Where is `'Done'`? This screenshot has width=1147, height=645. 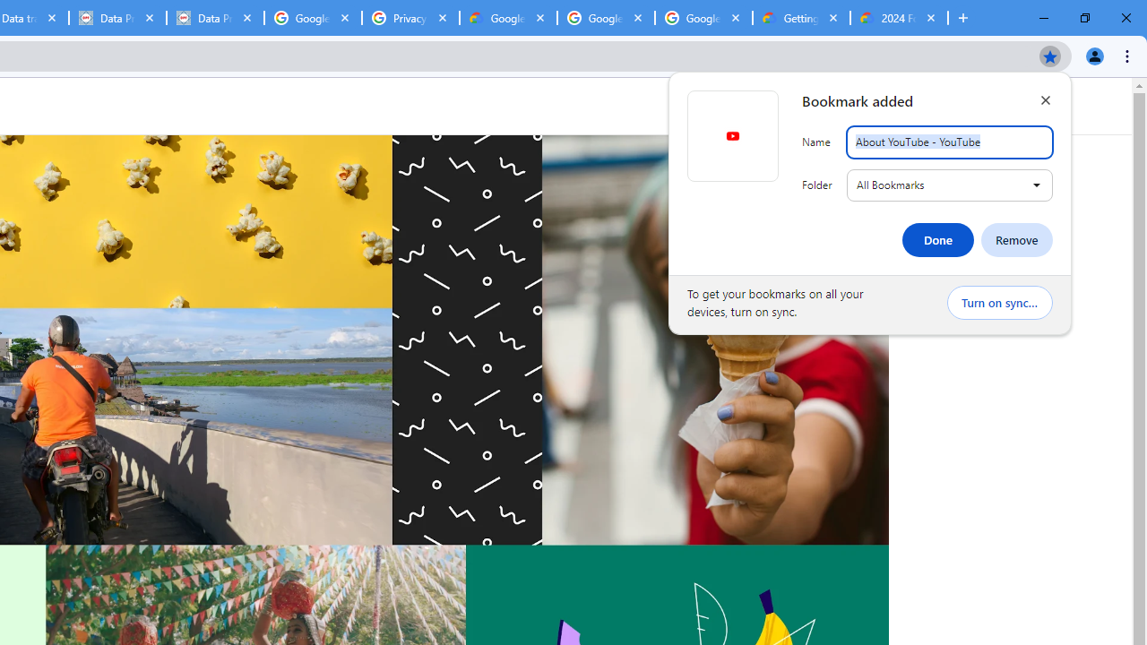
'Done' is located at coordinates (937, 239).